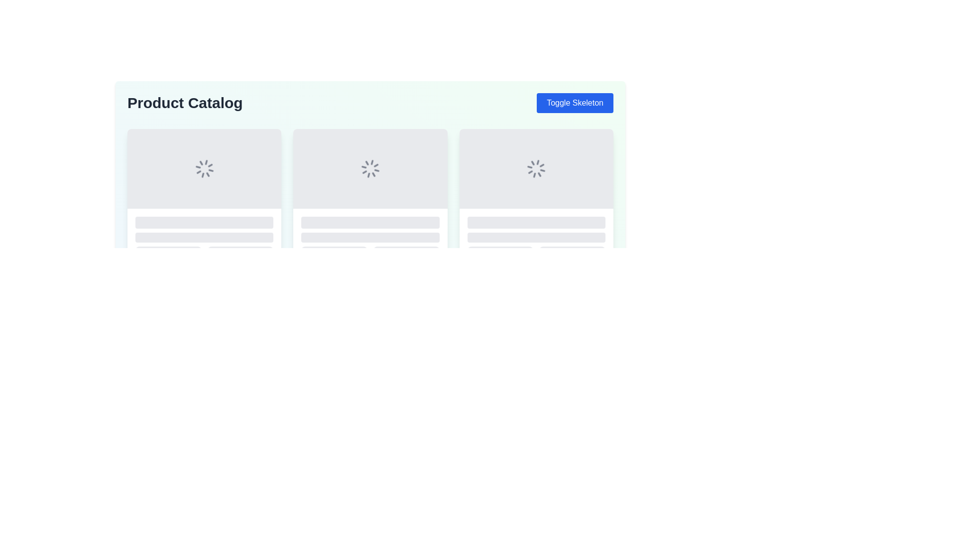 The height and width of the screenshot is (538, 956). Describe the element at coordinates (500, 250) in the screenshot. I see `the Skeleton loading placeholder located` at that location.